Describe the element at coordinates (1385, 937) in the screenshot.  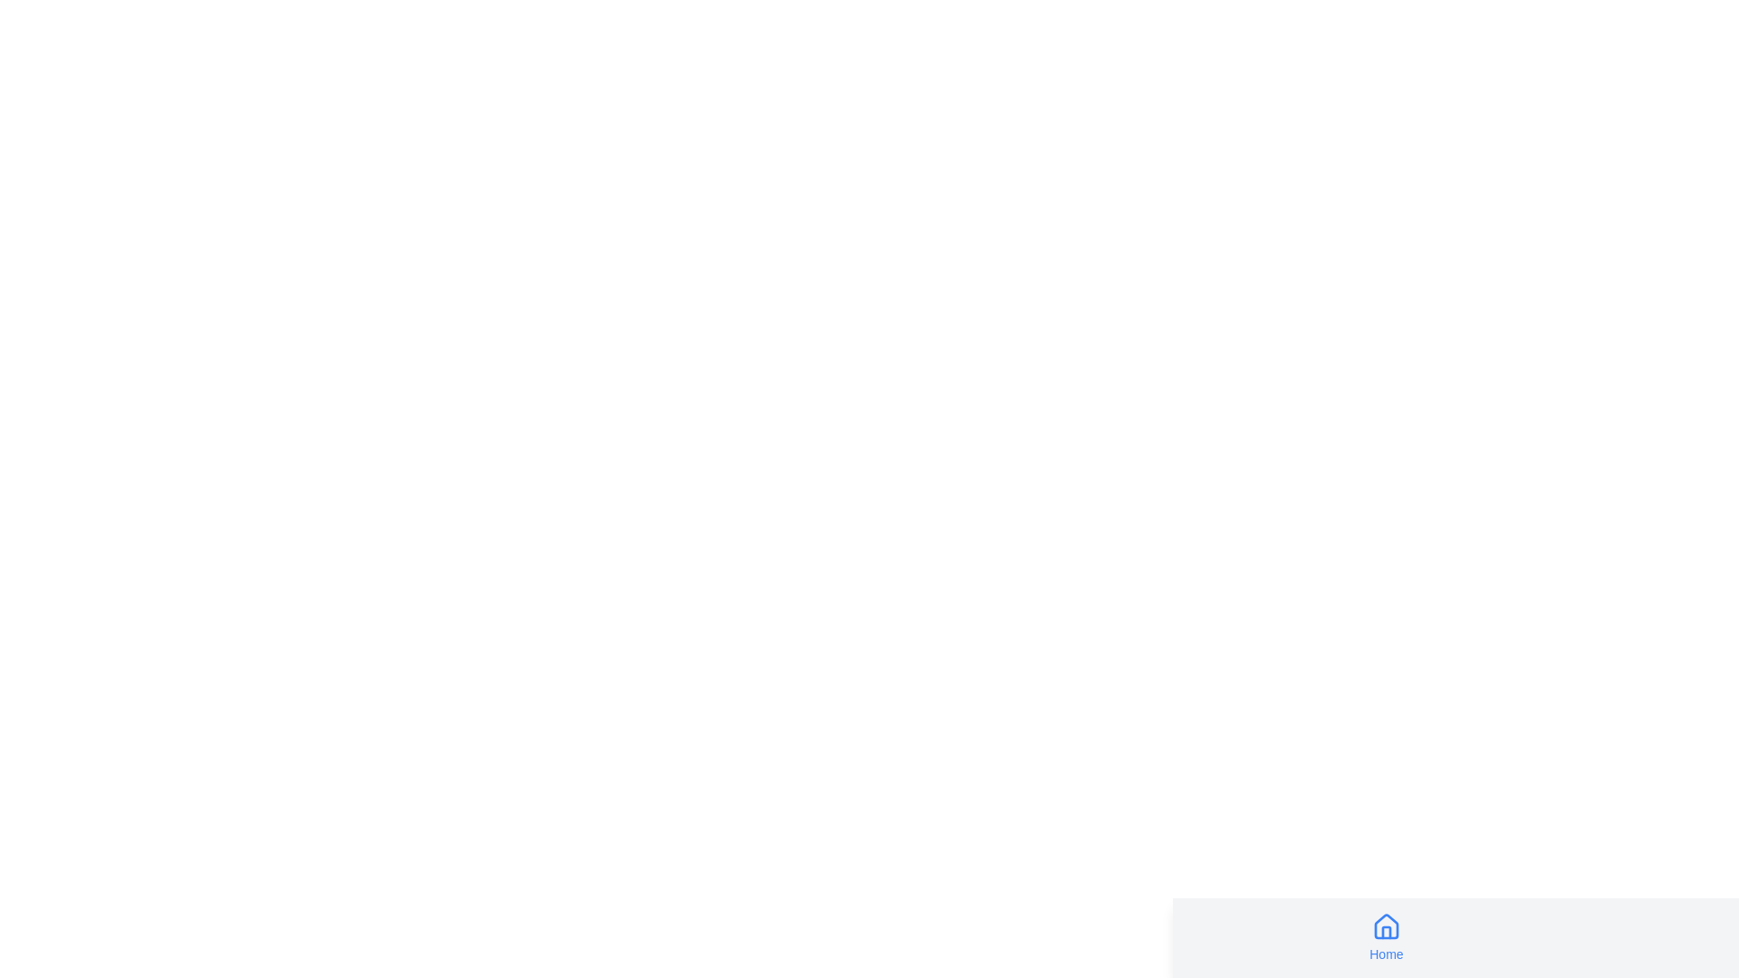
I see `the 'Home' navigation button located at the far left of the bottom navigation bar` at that location.